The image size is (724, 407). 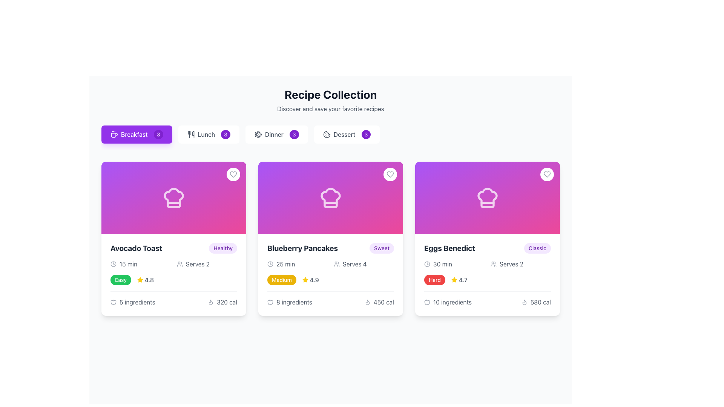 What do you see at coordinates (390, 174) in the screenshot?
I see `the heart-shaped SVG icon in the 'Blueberry Pancakes' recipe card to favorite the item` at bounding box center [390, 174].